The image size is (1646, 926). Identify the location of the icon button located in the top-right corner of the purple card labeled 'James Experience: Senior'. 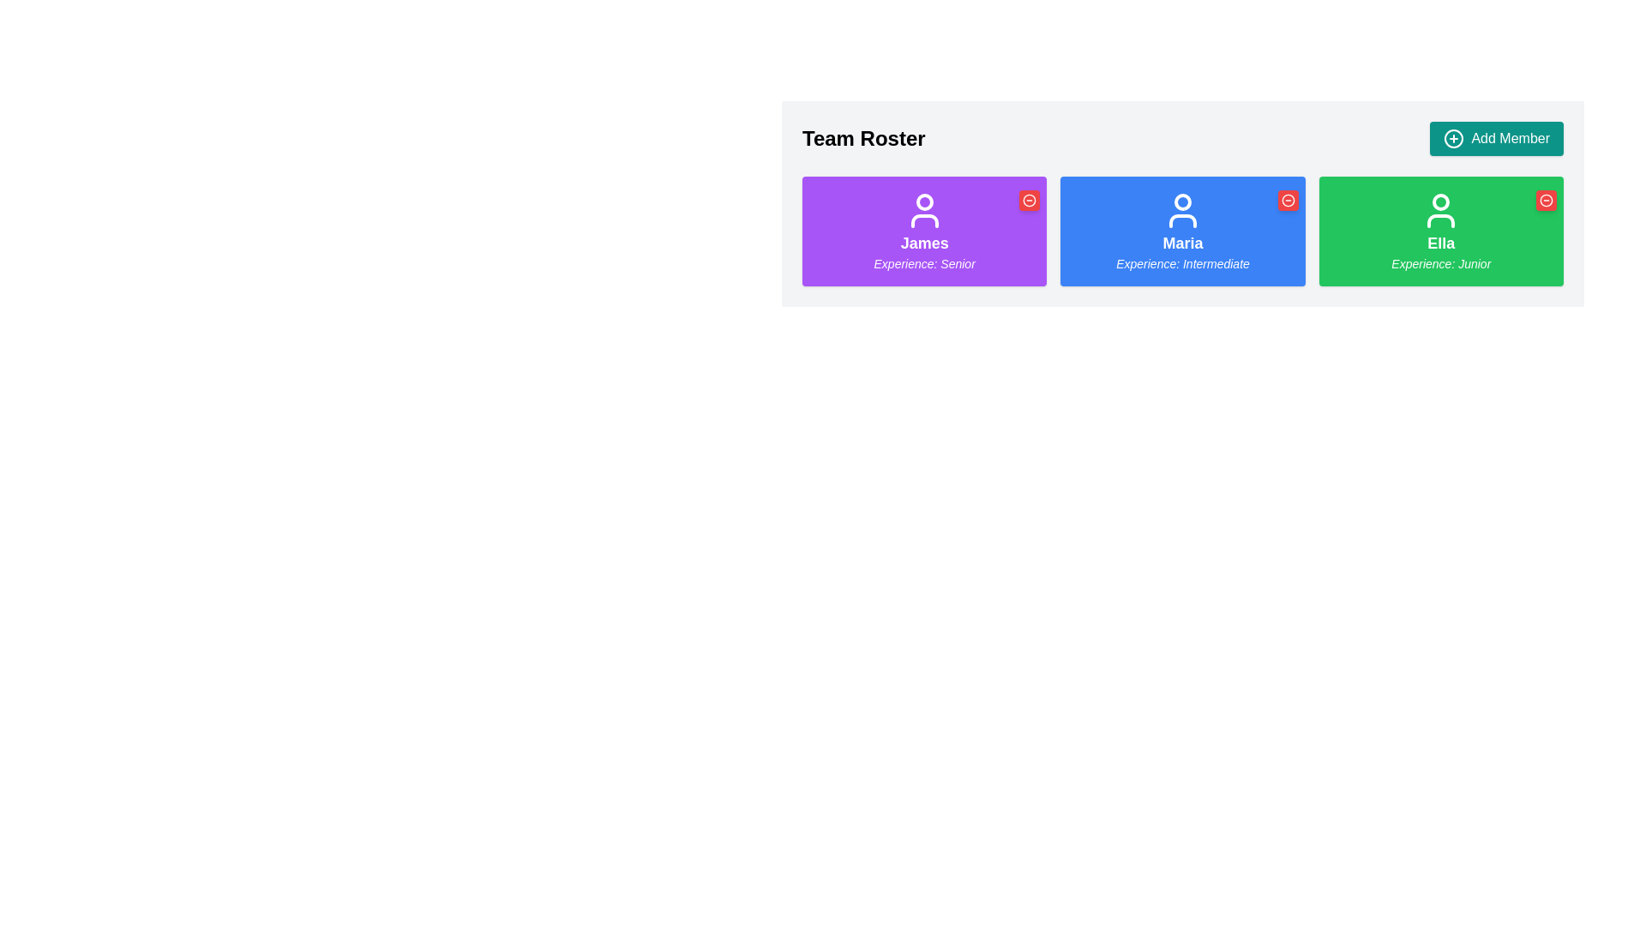
(1029, 200).